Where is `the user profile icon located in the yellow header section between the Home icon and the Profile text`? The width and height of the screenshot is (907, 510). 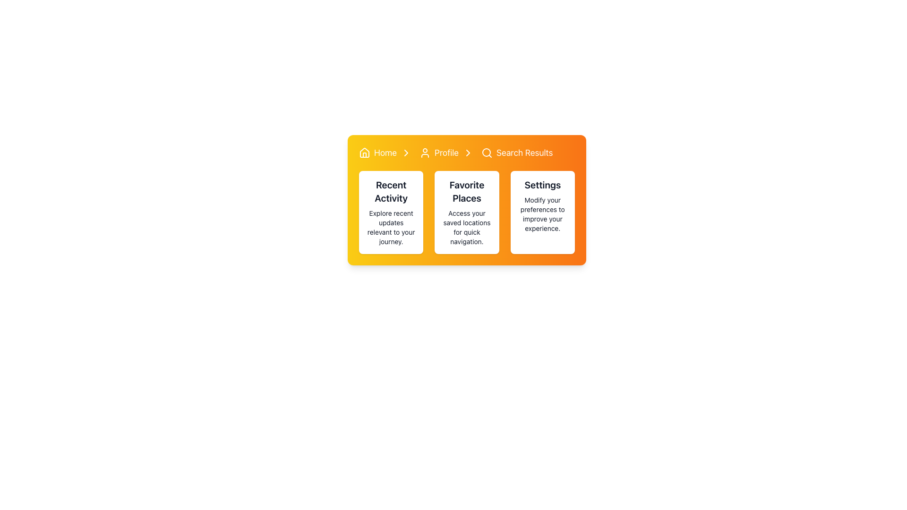
the user profile icon located in the yellow header section between the Home icon and the Profile text is located at coordinates (425, 153).